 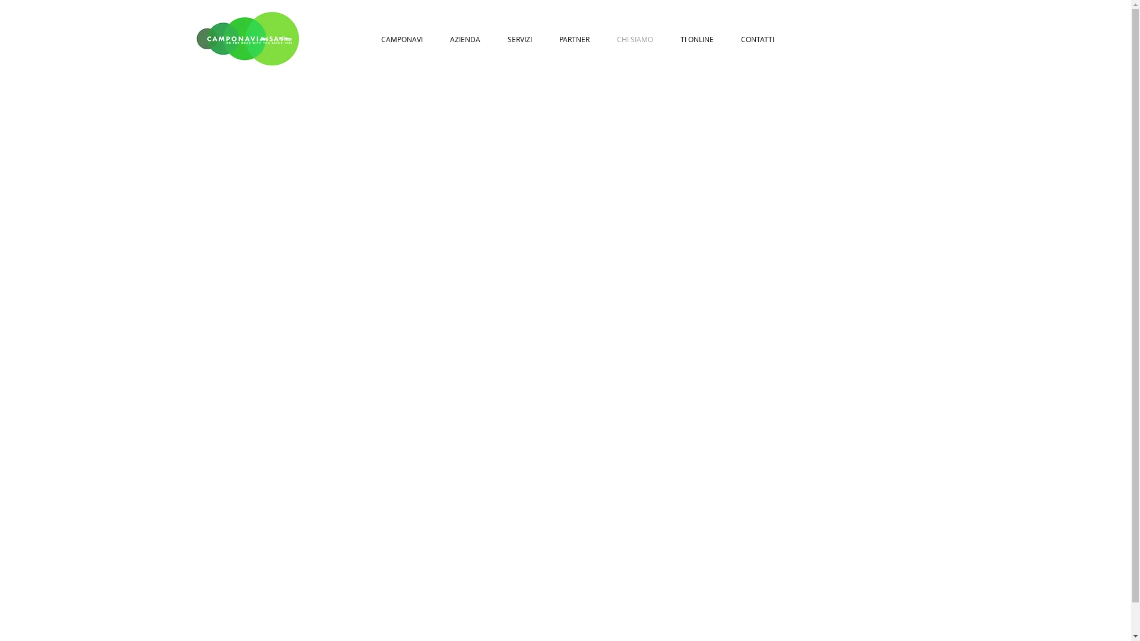 I want to click on 'SERVIZI', so click(x=519, y=38).